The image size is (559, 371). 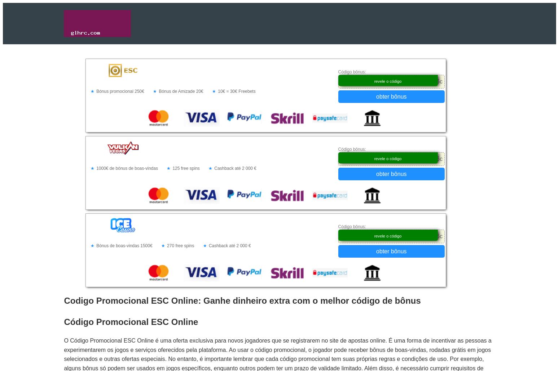 I want to click on 'Bónus promocional 250€', so click(x=119, y=91).